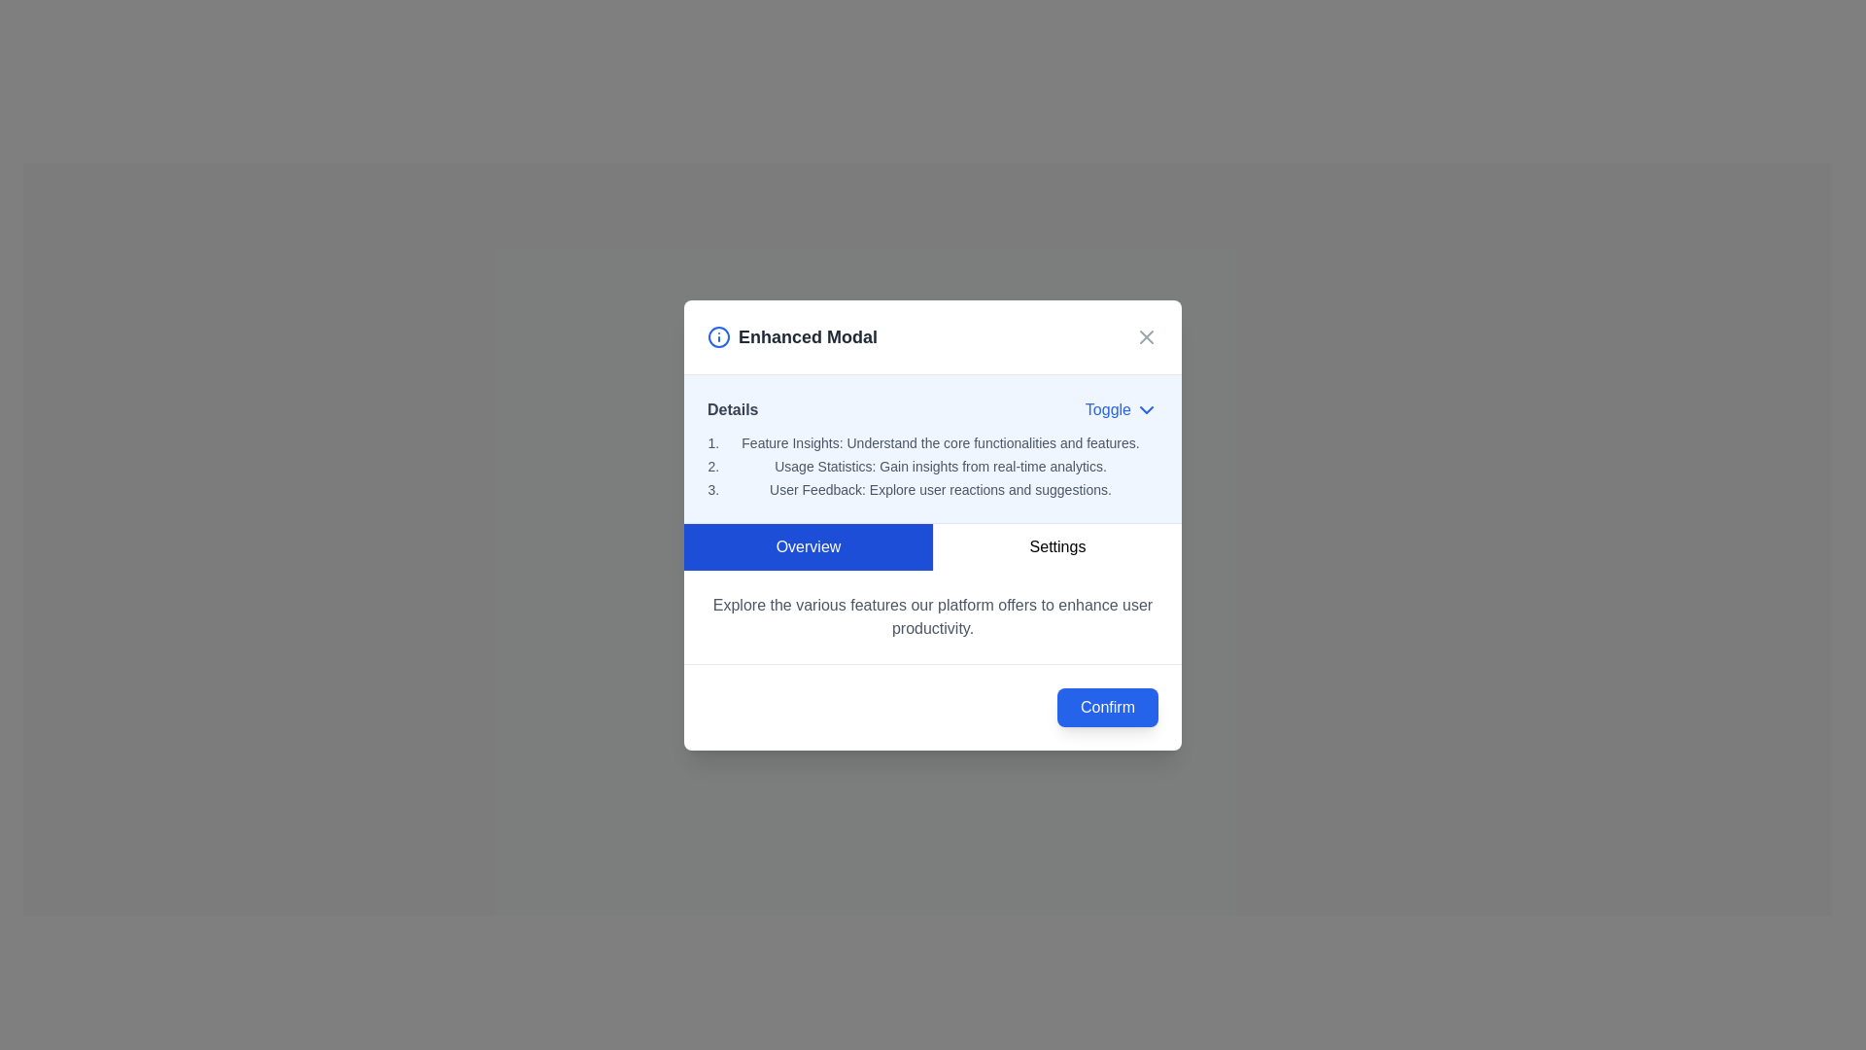 The image size is (1866, 1050). I want to click on the chevron icon pointing downward, located to the right of the 'Toggle' text label, so click(1147, 408).